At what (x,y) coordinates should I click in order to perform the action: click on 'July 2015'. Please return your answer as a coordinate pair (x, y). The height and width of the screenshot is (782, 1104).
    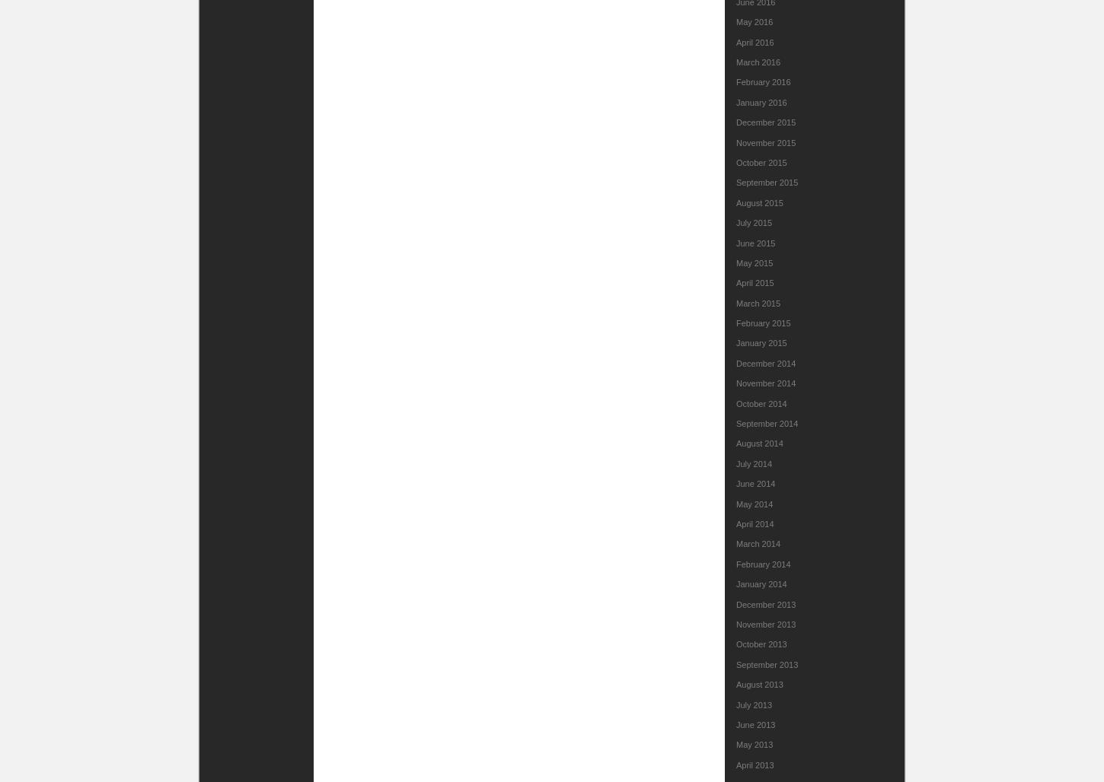
    Looking at the image, I should click on (736, 222).